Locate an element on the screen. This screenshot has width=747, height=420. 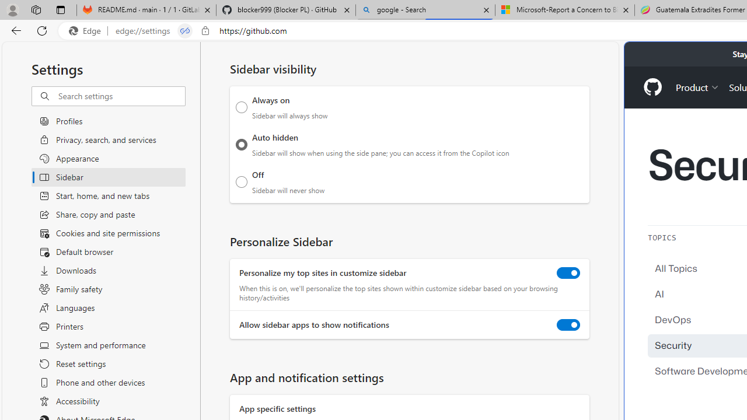
'Edge' is located at coordinates (87, 30).